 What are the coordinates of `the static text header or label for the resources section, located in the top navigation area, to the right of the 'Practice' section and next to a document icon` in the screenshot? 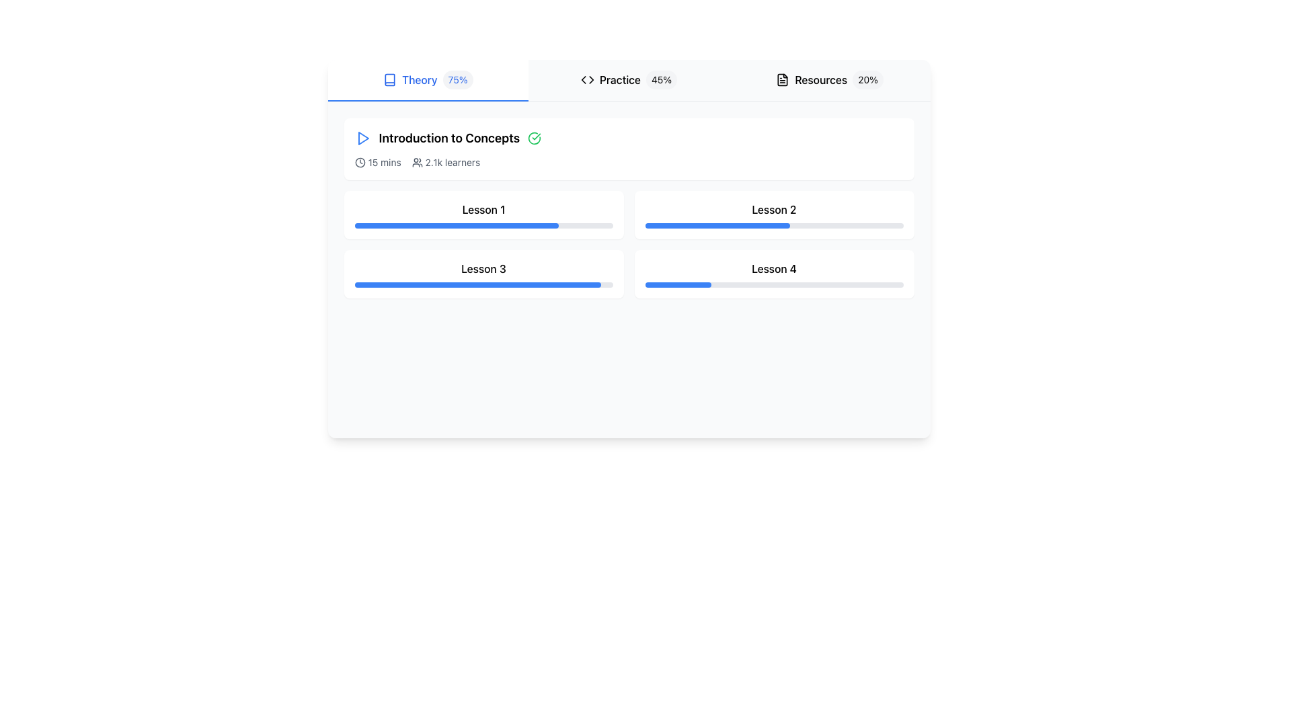 It's located at (820, 80).